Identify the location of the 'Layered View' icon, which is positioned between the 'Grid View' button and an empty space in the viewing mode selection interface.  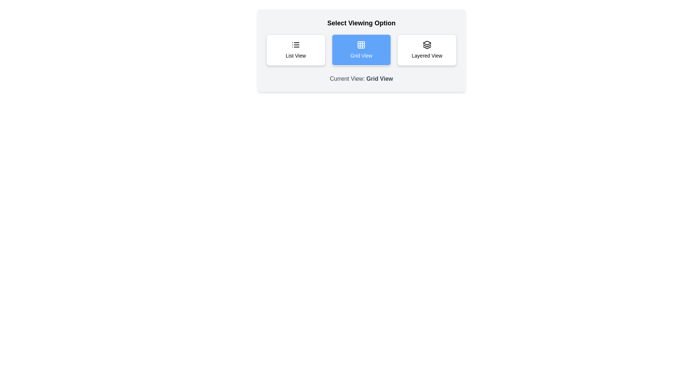
(427, 43).